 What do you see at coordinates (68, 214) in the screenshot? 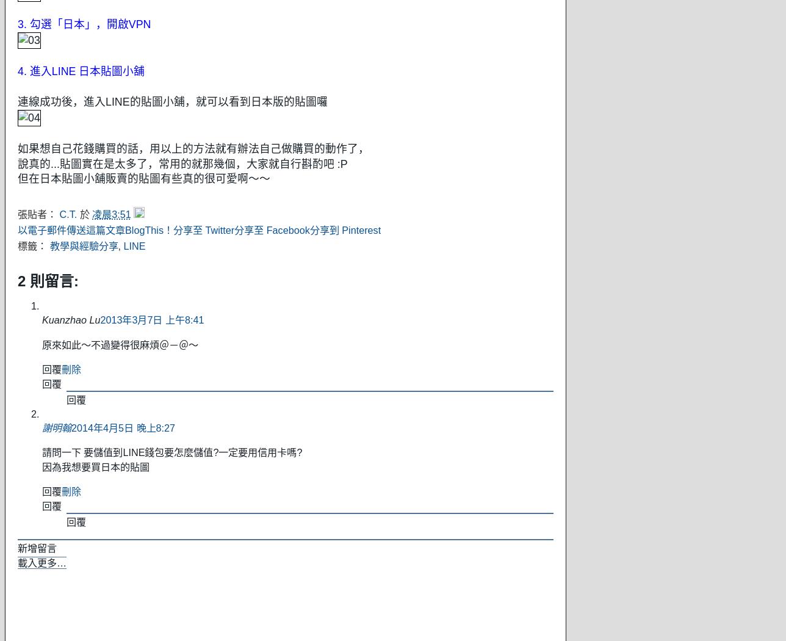
I see `'C.T.'` at bounding box center [68, 214].